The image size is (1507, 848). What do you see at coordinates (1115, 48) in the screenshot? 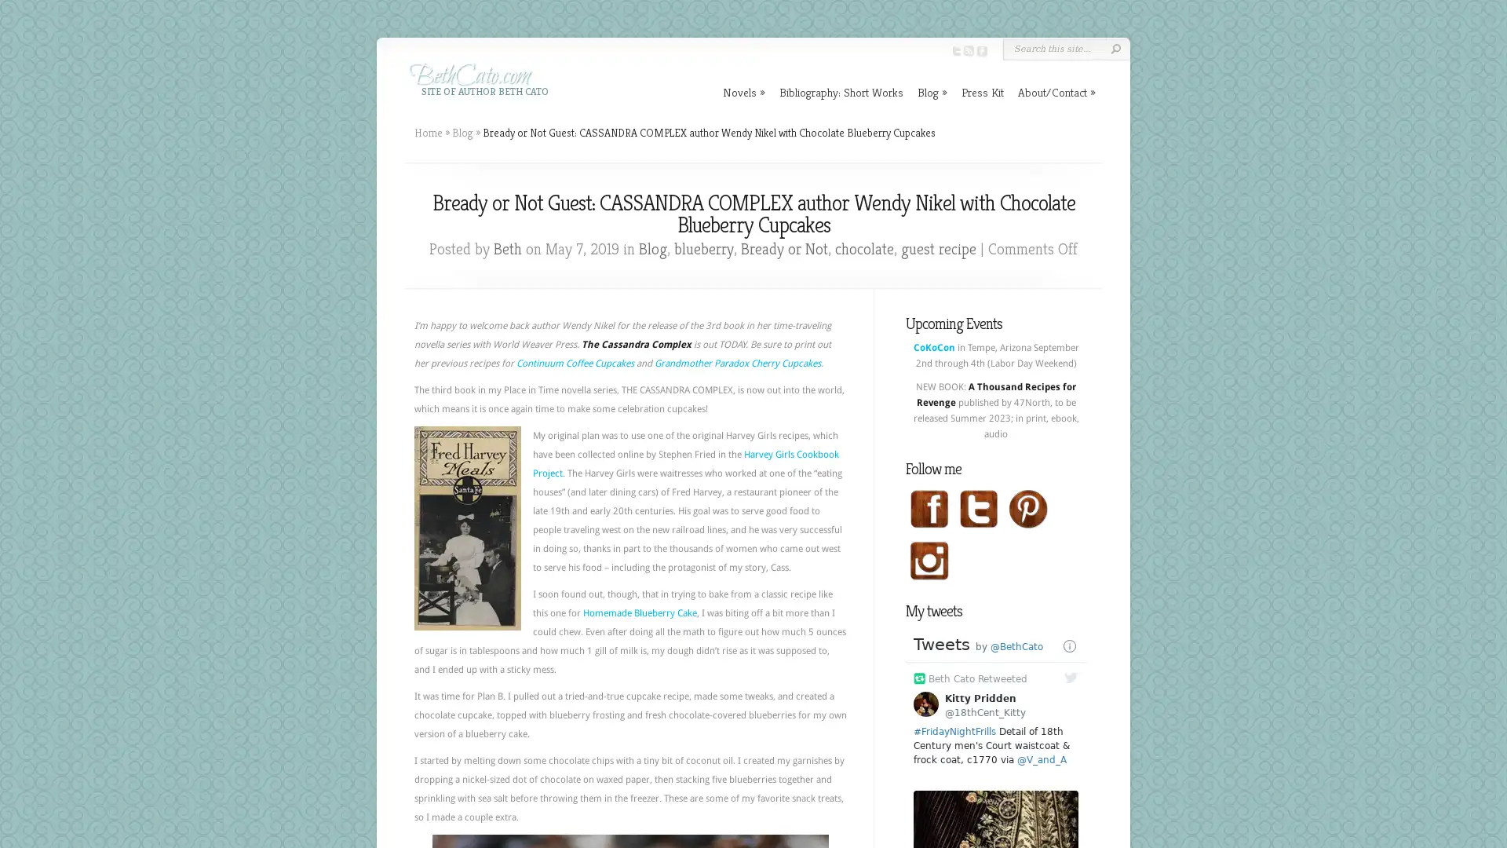
I see `Submit` at bounding box center [1115, 48].